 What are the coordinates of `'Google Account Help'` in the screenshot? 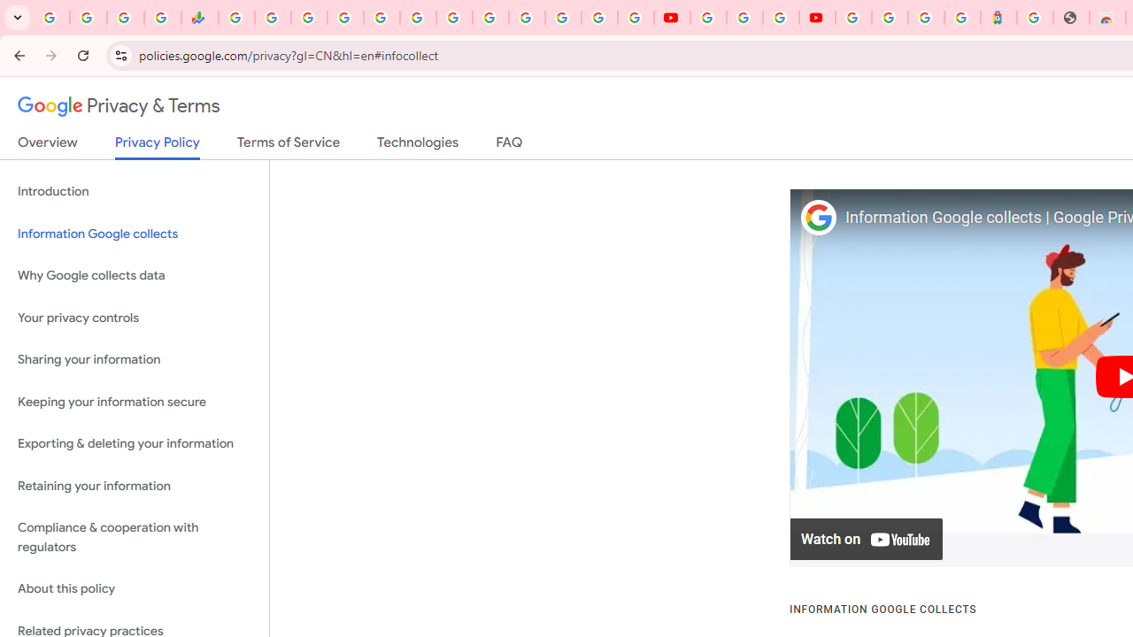 It's located at (744, 18).